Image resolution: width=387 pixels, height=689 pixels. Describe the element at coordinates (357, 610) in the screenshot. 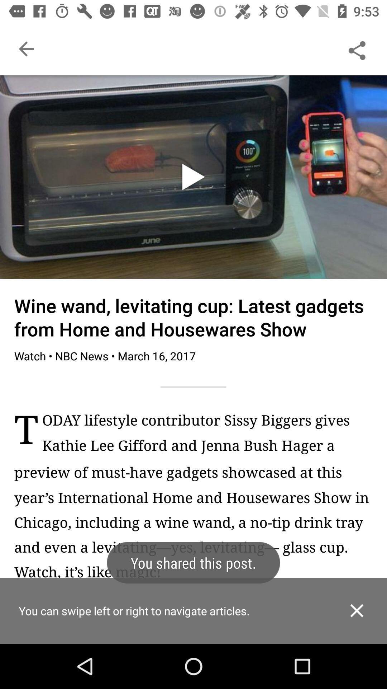

I see `close icon at bottom of page` at that location.